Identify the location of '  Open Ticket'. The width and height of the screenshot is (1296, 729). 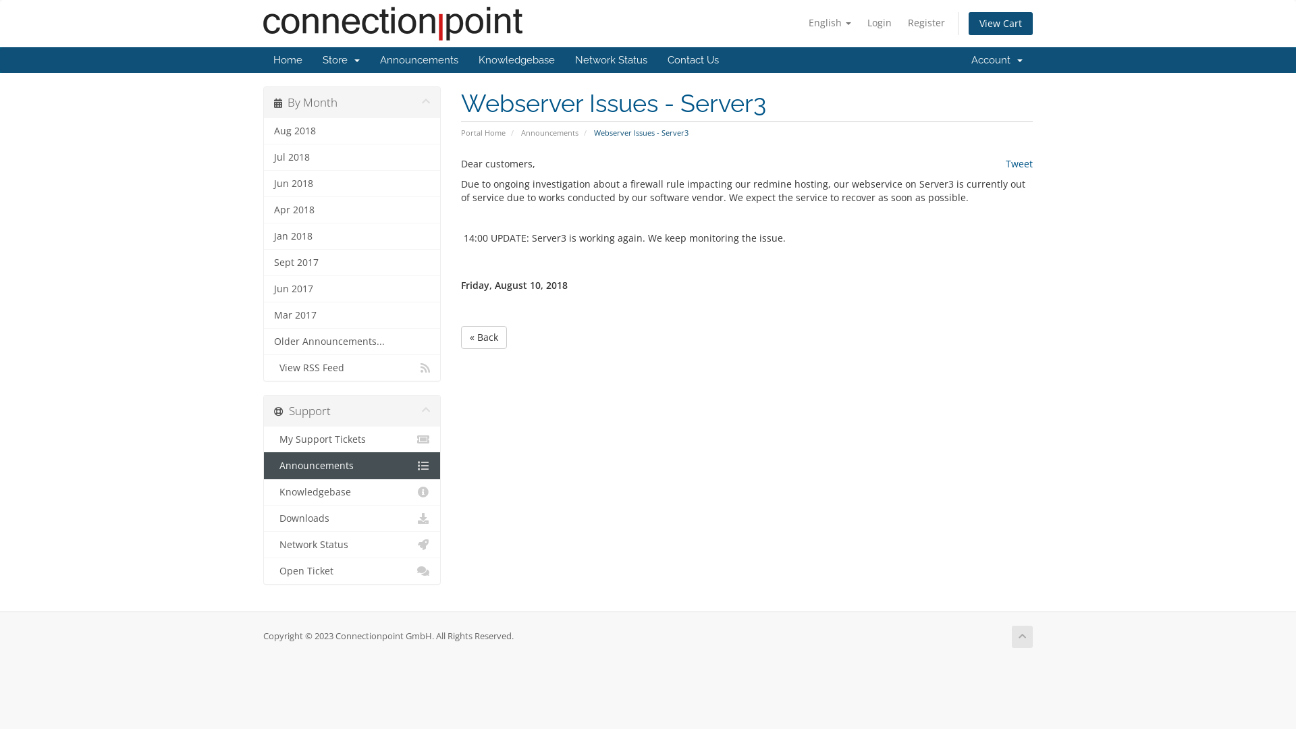
(352, 570).